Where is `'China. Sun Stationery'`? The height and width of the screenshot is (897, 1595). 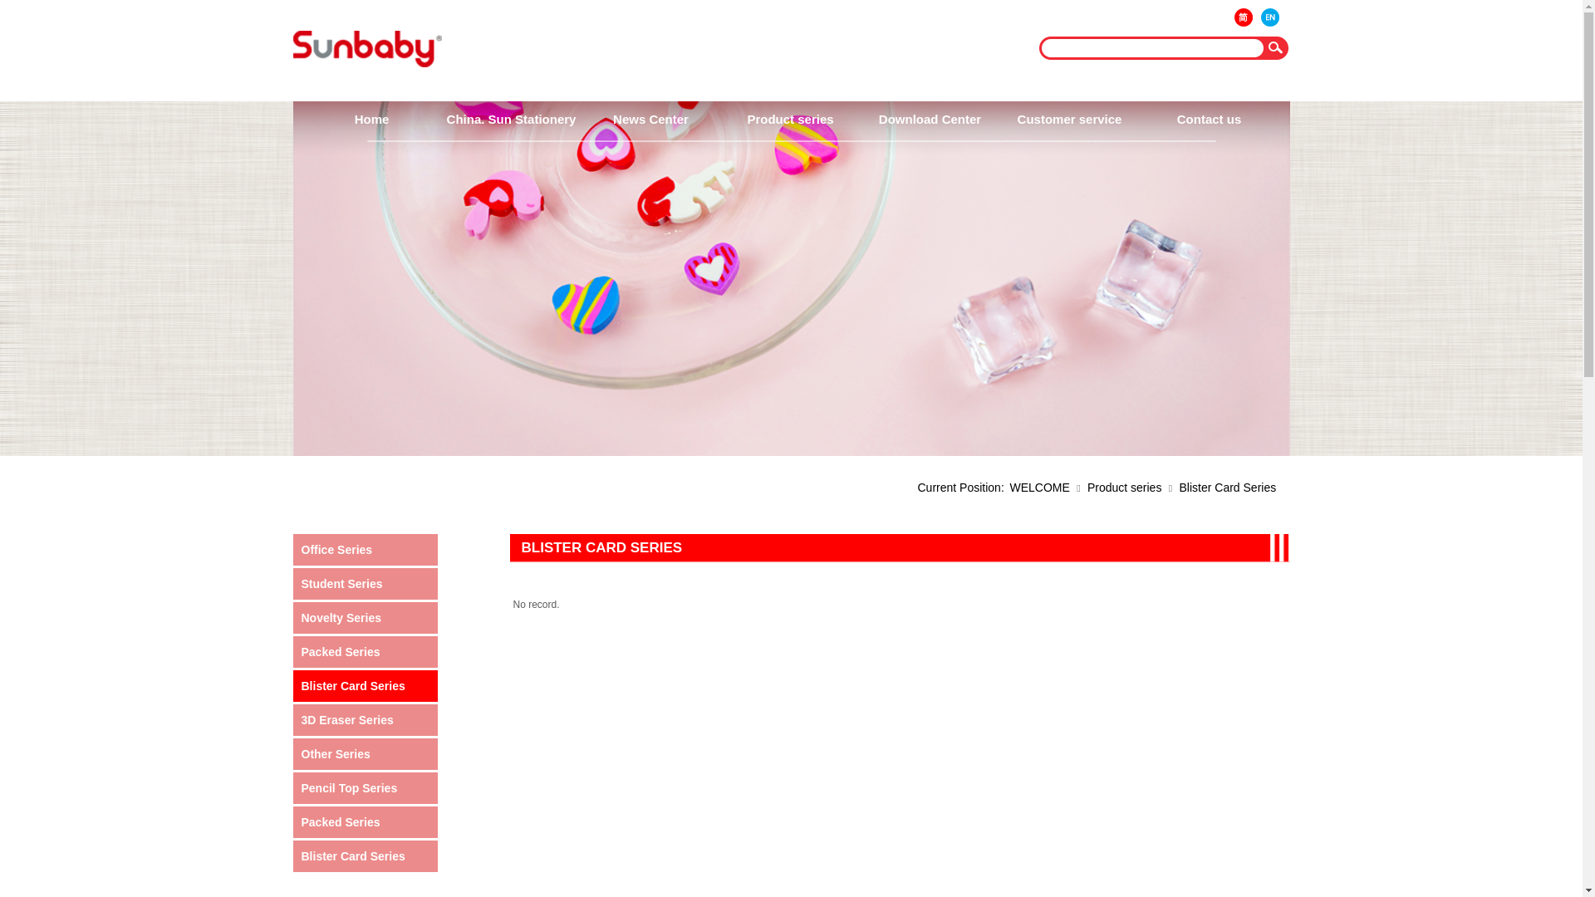
'China. Sun Stationery' is located at coordinates (509, 118).